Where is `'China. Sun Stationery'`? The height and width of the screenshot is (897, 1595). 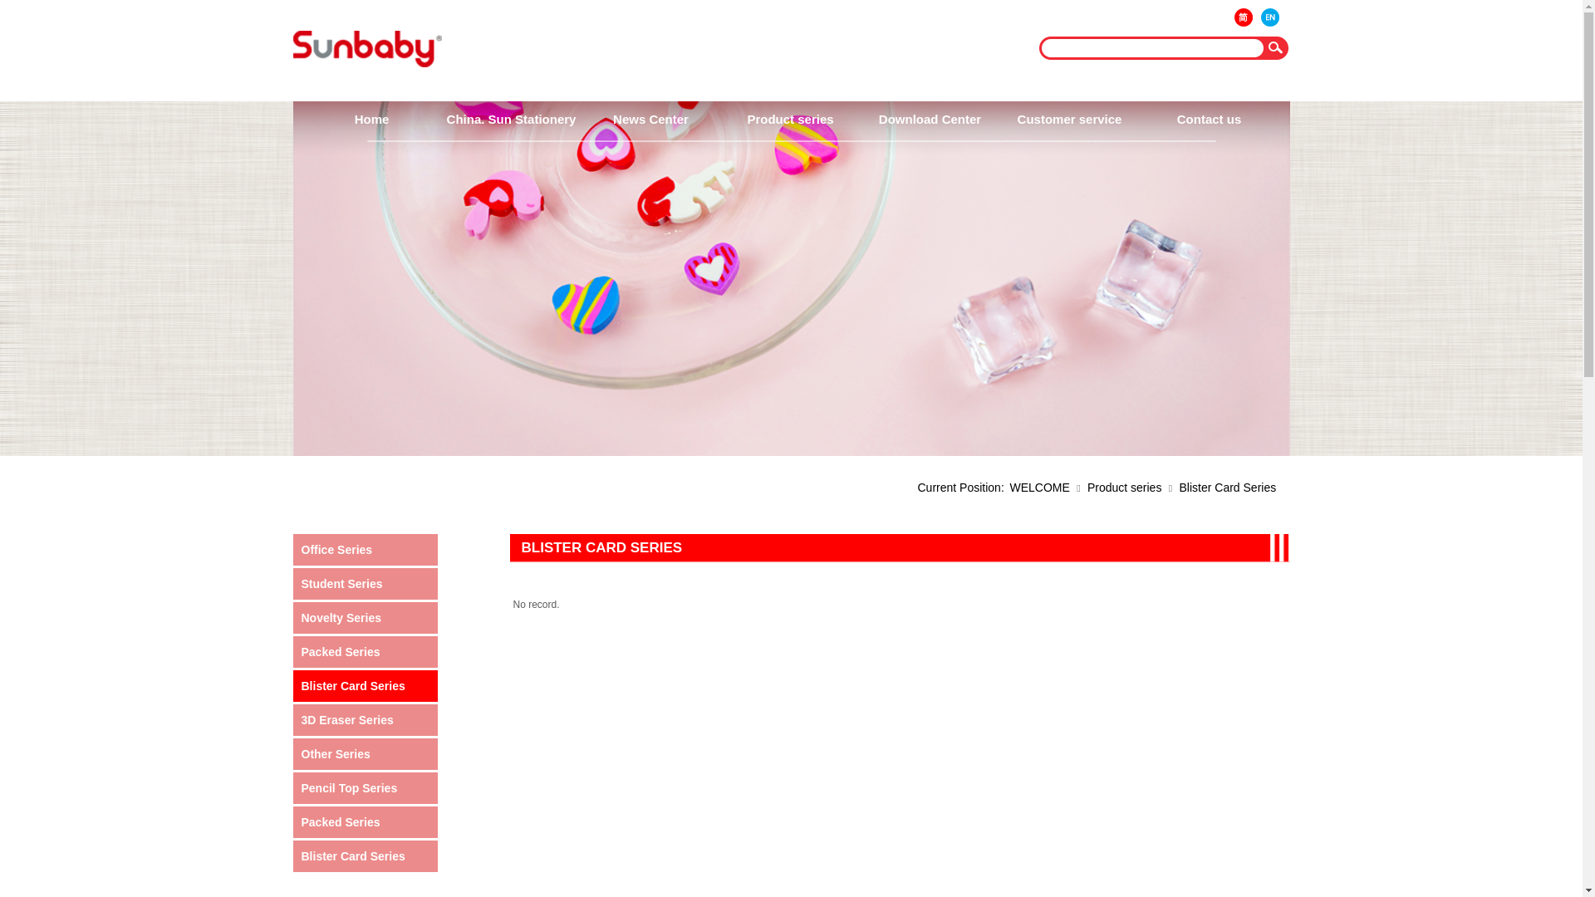
'China. Sun Stationery' is located at coordinates (509, 118).